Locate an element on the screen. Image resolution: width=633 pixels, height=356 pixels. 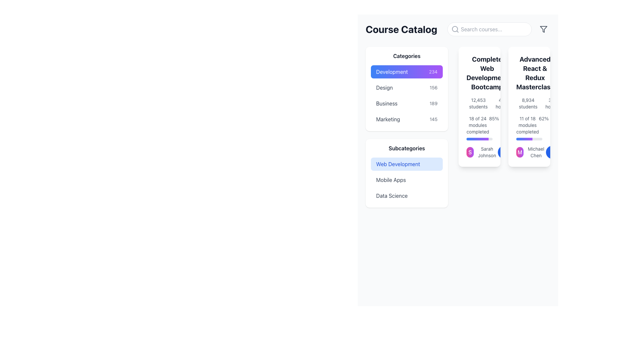
the 'Business' category label located within the 'Categories' group is located at coordinates (387, 103).